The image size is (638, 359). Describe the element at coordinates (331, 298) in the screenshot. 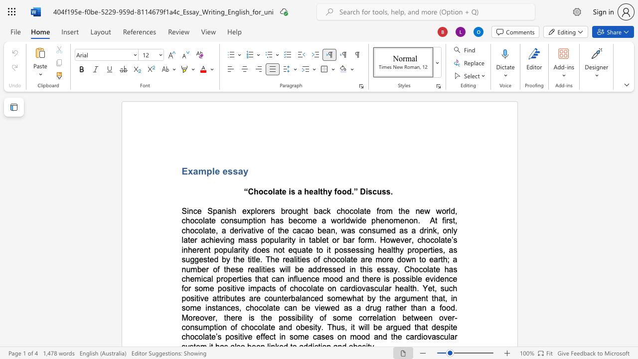

I see `the space between the continuous character "s" and "o" in the text` at that location.